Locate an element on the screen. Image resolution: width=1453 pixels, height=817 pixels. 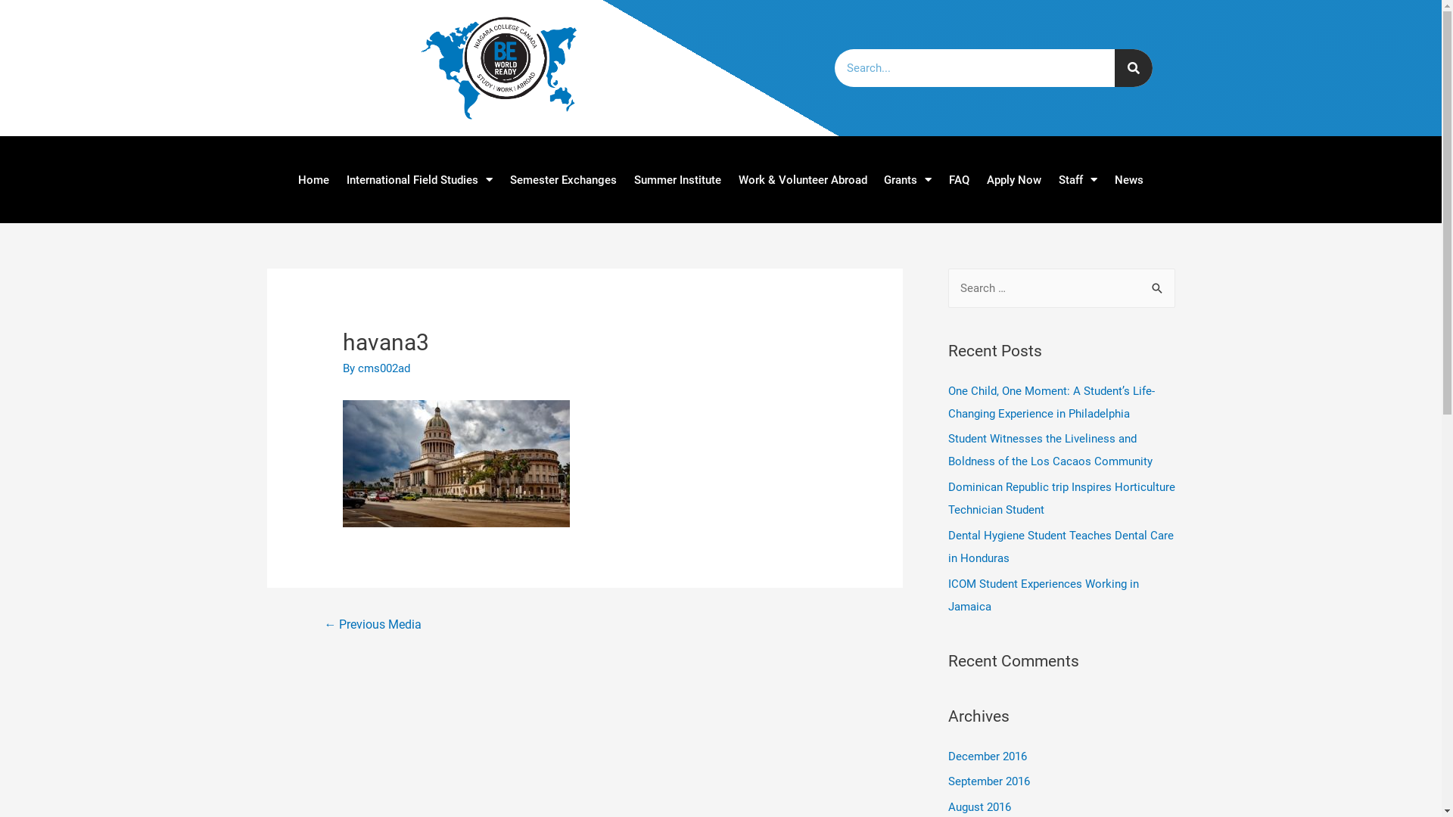
'News' is located at coordinates (1129, 178).